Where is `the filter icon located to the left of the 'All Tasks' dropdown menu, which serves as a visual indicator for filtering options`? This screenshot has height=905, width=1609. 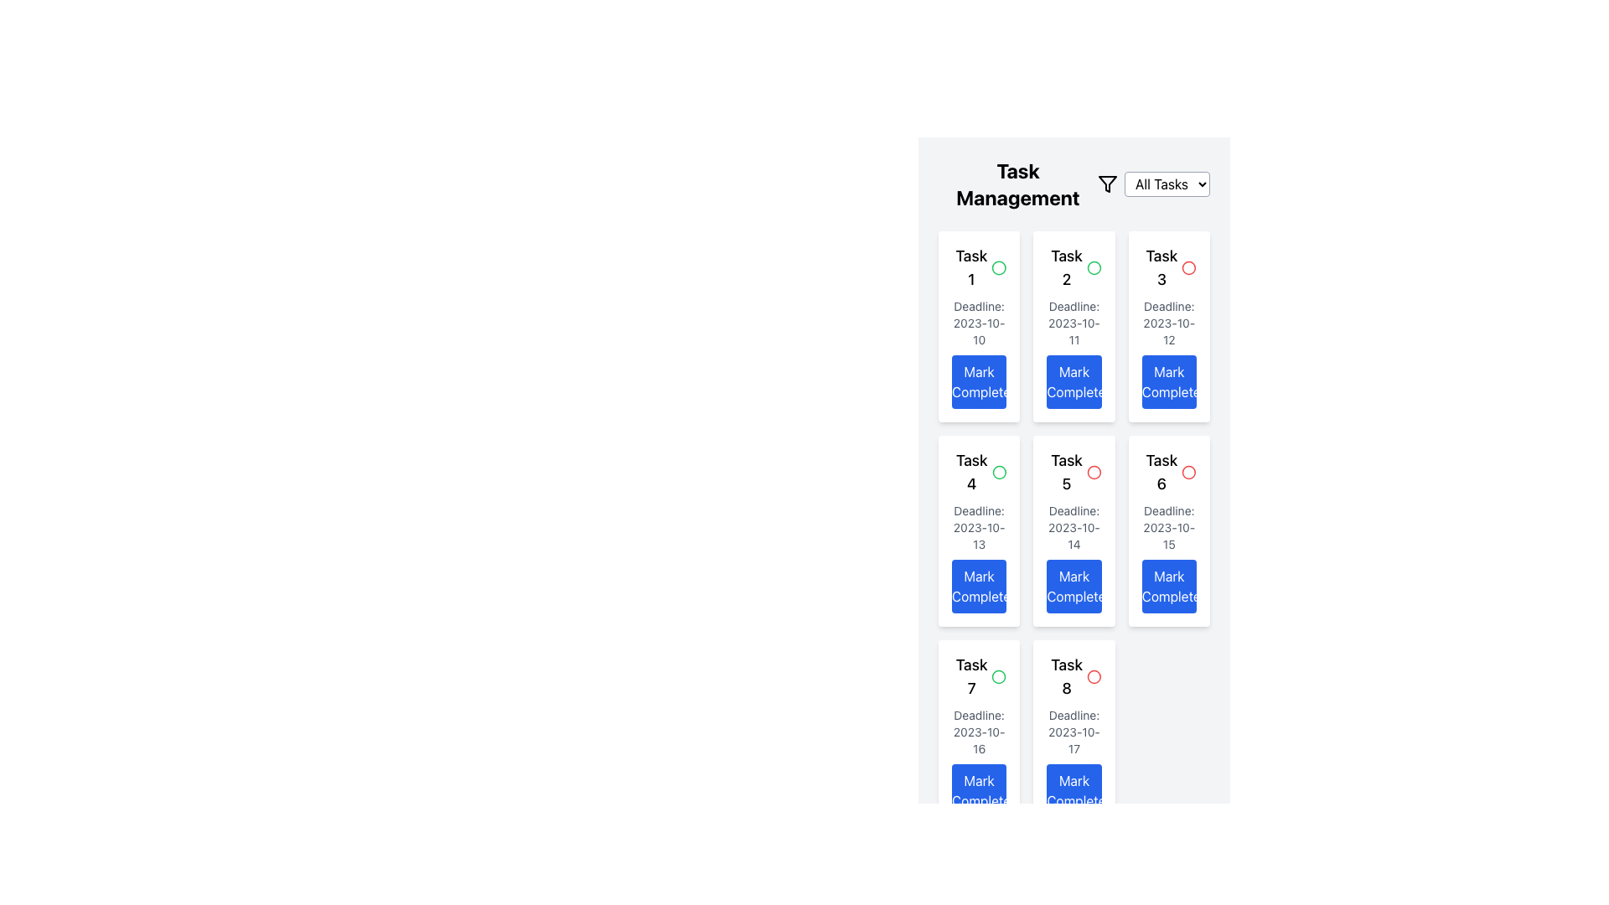
the filter icon located to the left of the 'All Tasks' dropdown menu, which serves as a visual indicator for filtering options is located at coordinates (1107, 184).